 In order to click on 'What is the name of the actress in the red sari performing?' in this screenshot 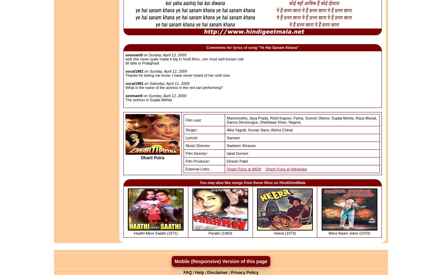, I will do `click(174, 87)`.